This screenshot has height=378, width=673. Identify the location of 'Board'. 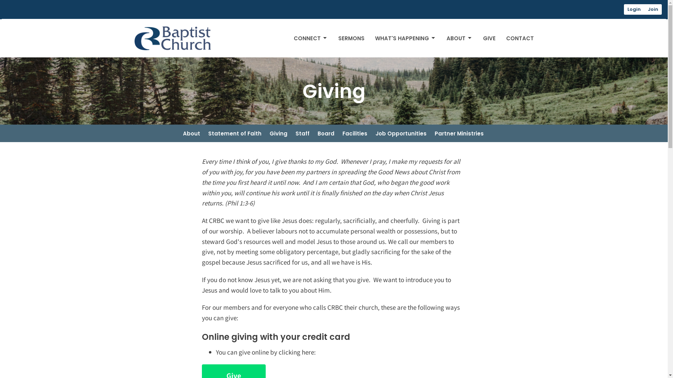
(313, 133).